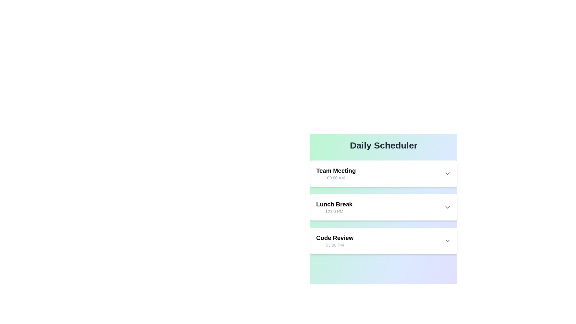 The image size is (576, 324). Describe the element at coordinates (335, 171) in the screenshot. I see `the bold text label reading 'Team Meeting', which is prominently styled and positioned above the smaller text '09:00 AM' in the 'Daily Scheduler'` at that location.